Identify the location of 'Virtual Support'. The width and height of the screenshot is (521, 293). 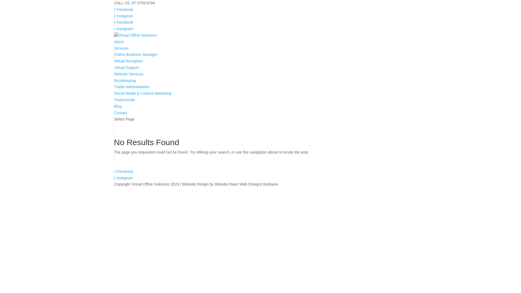
(126, 67).